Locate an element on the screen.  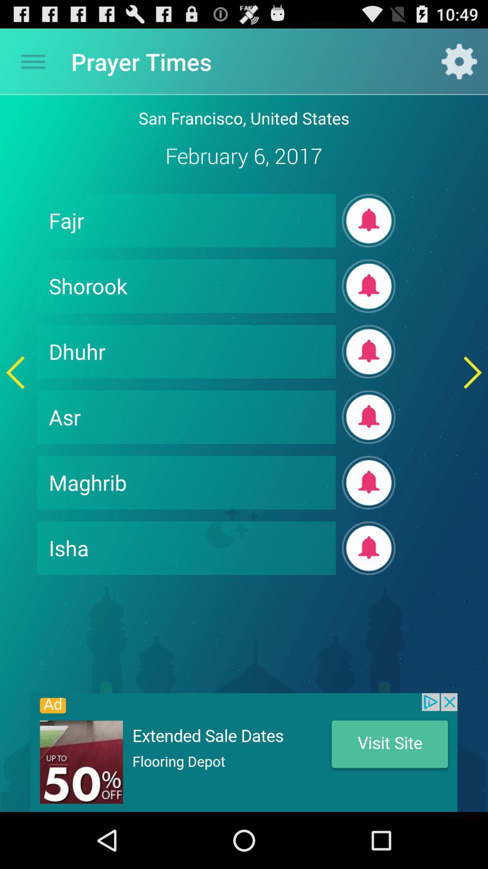
turn on notification is located at coordinates (369, 220).